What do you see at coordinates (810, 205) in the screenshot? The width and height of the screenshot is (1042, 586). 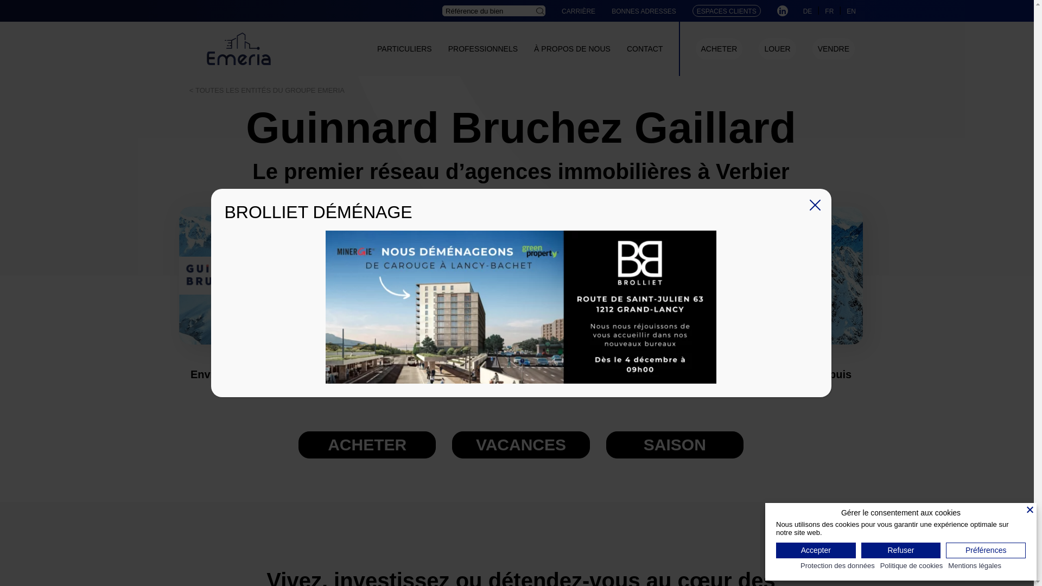 I see `'X'` at bounding box center [810, 205].